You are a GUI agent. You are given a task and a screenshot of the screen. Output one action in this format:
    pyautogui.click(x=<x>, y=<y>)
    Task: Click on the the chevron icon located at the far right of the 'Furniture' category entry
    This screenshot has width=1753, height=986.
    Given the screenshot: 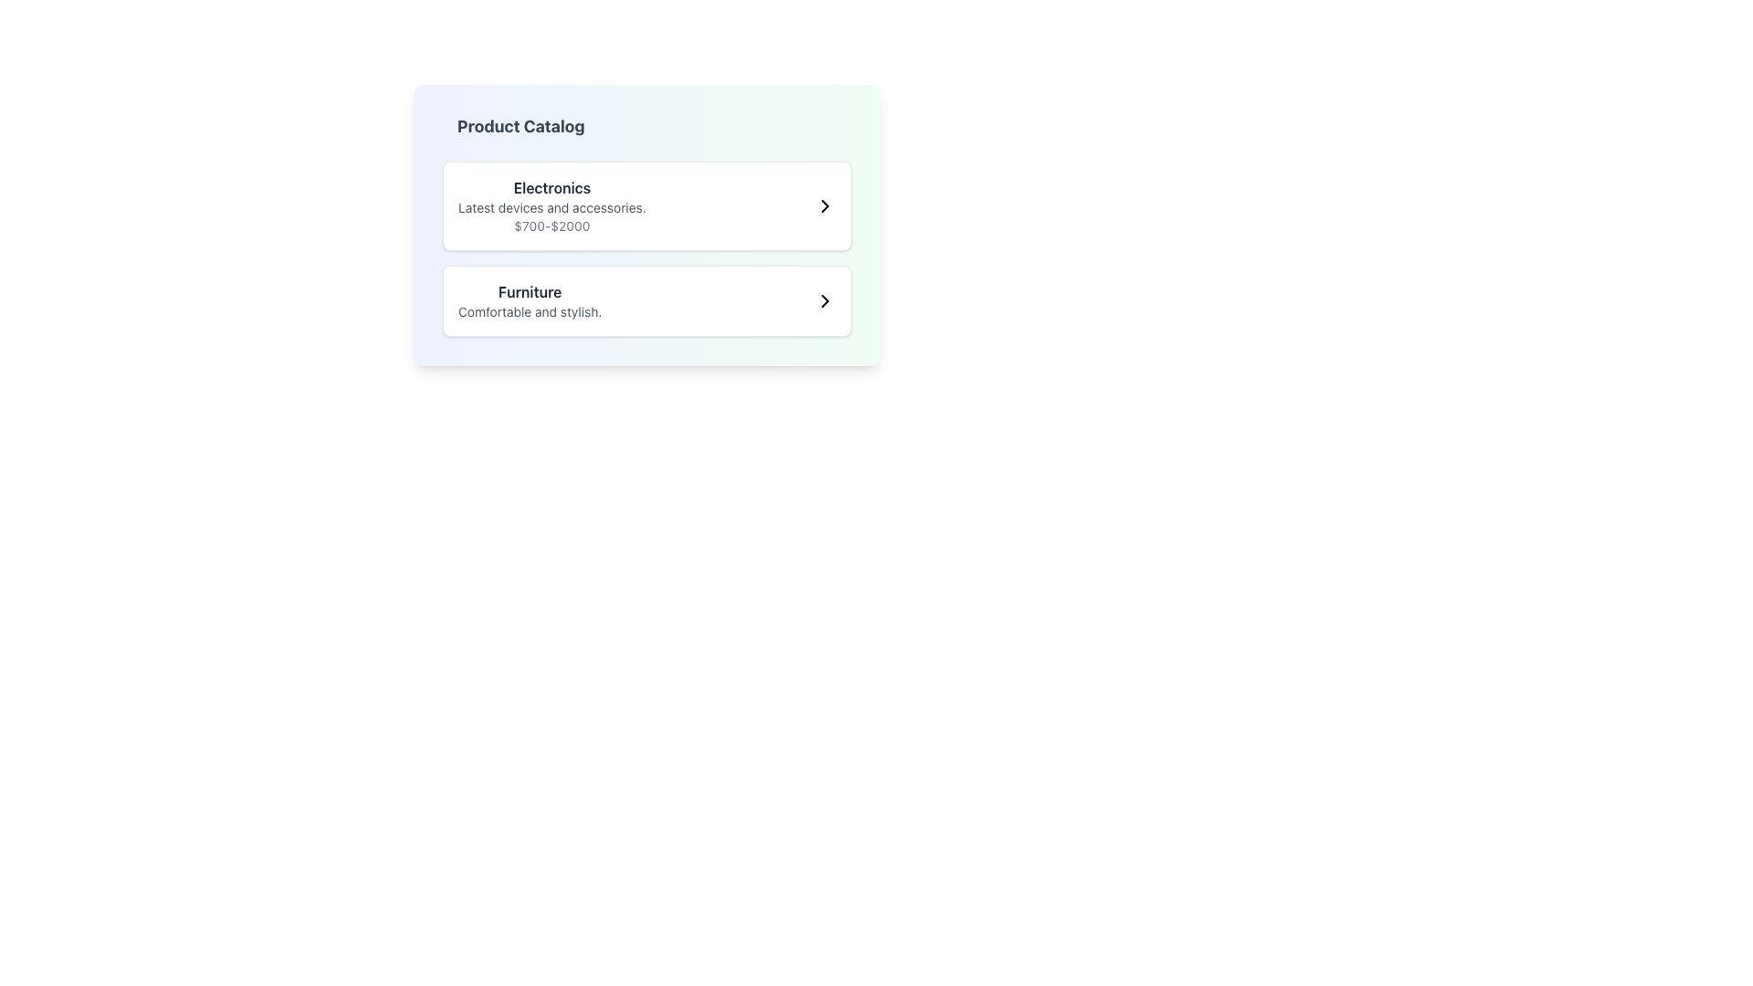 What is the action you would take?
    pyautogui.click(x=824, y=300)
    